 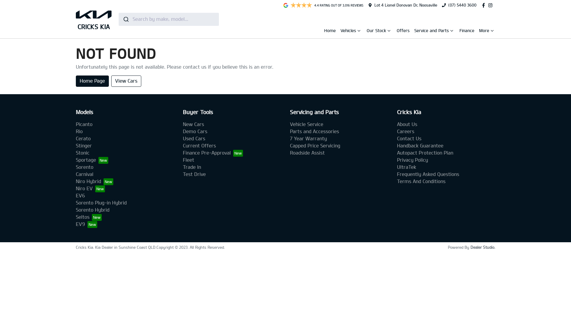 What do you see at coordinates (377, 32) in the screenshot?
I see `'Our Stock'` at bounding box center [377, 32].